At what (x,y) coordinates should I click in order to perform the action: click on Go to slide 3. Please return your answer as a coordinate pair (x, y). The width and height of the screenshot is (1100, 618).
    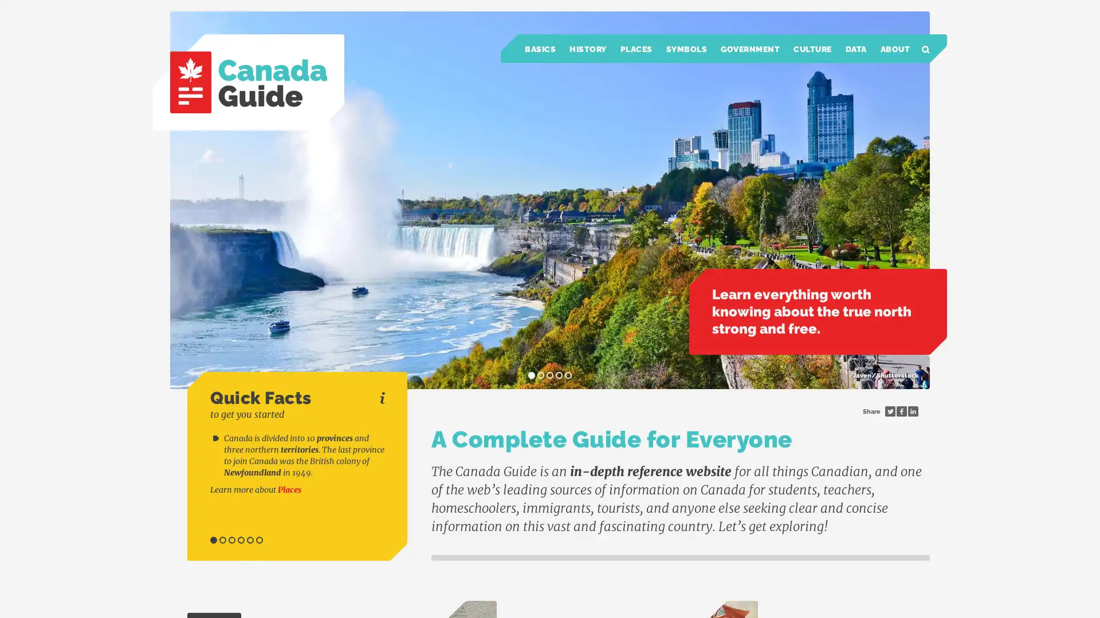
    Looking at the image, I should click on (550, 375).